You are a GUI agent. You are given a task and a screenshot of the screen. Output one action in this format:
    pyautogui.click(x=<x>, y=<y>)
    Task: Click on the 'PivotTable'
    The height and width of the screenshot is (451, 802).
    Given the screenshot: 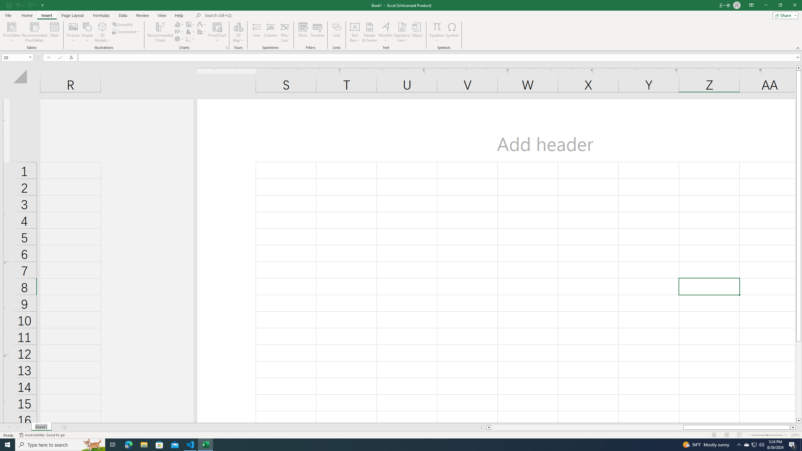 What is the action you would take?
    pyautogui.click(x=11, y=26)
    